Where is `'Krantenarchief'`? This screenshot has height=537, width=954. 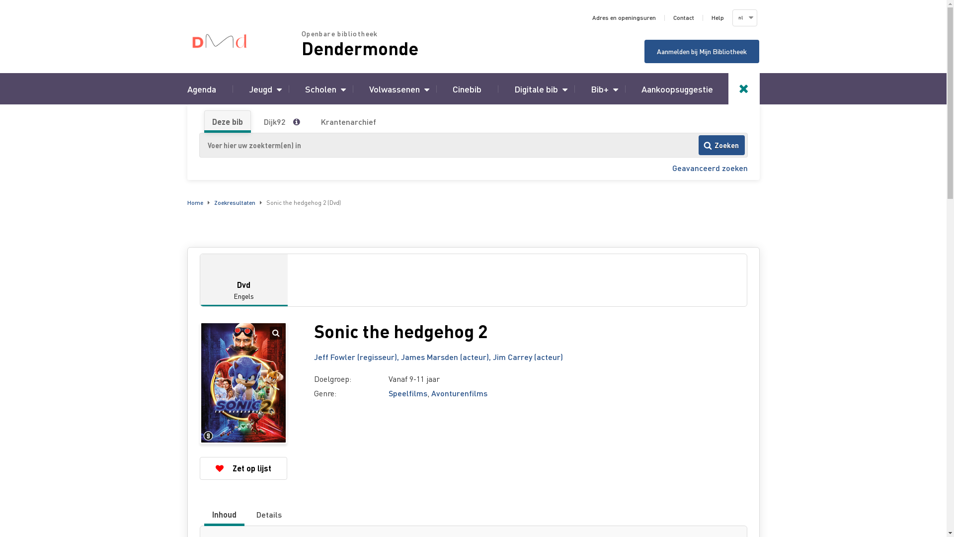 'Krantenarchief' is located at coordinates (312, 121).